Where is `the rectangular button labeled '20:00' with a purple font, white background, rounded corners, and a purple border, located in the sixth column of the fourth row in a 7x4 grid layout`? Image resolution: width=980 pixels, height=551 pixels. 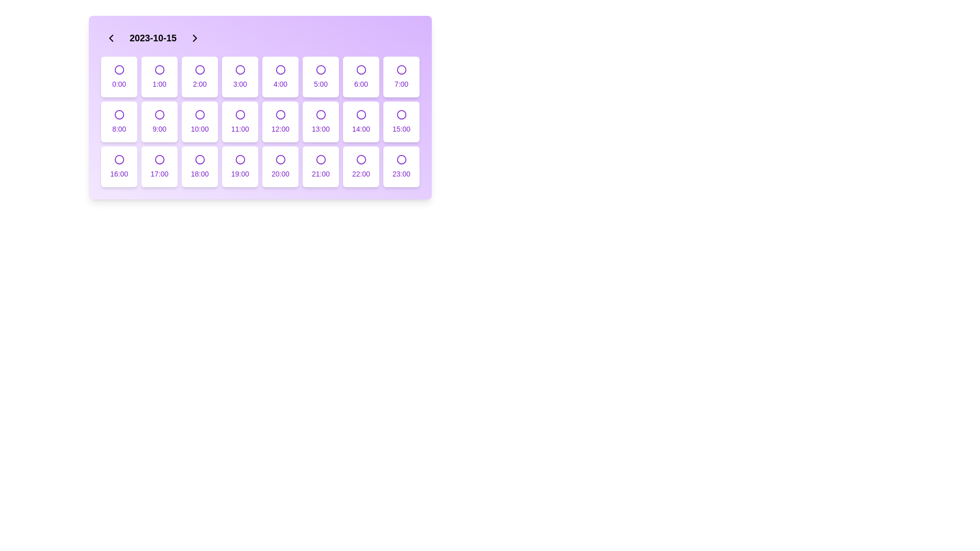 the rectangular button labeled '20:00' with a purple font, white background, rounded corners, and a purple border, located in the sixth column of the fourth row in a 7x4 grid layout is located at coordinates (280, 166).